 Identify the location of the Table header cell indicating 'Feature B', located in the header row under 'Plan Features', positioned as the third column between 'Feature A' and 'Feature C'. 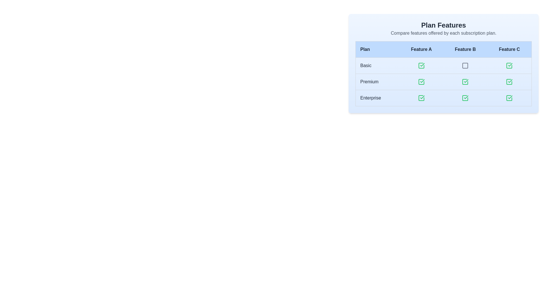
(465, 49).